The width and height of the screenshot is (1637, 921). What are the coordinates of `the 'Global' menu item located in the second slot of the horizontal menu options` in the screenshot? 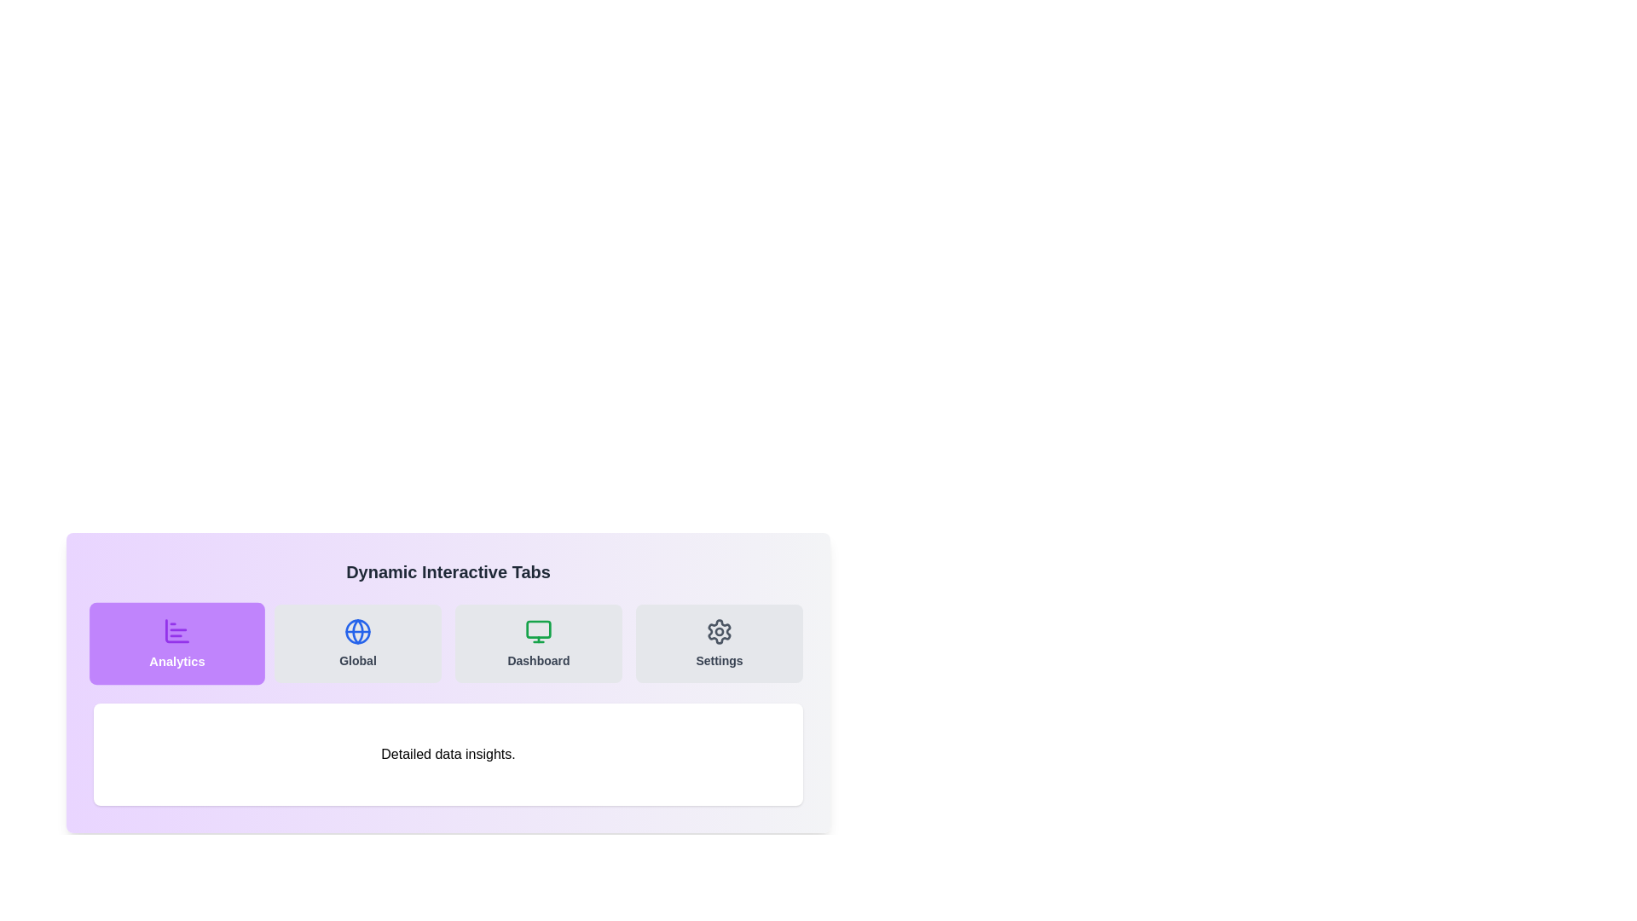 It's located at (357, 644).